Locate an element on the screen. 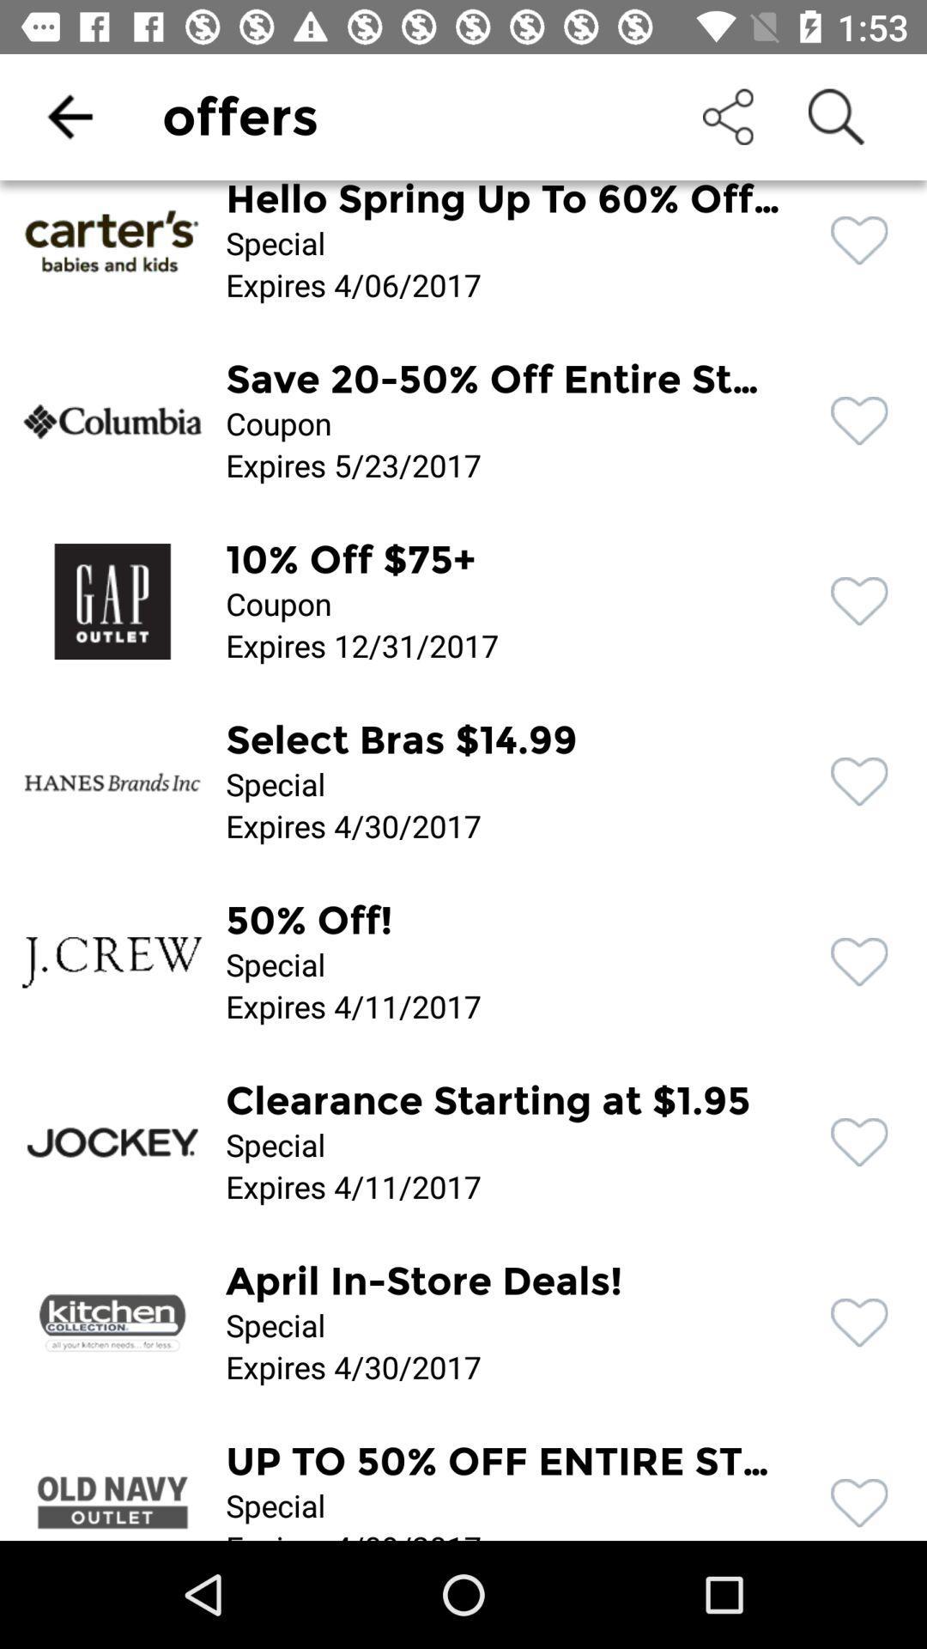  the item next to offers icon is located at coordinates (69, 116).